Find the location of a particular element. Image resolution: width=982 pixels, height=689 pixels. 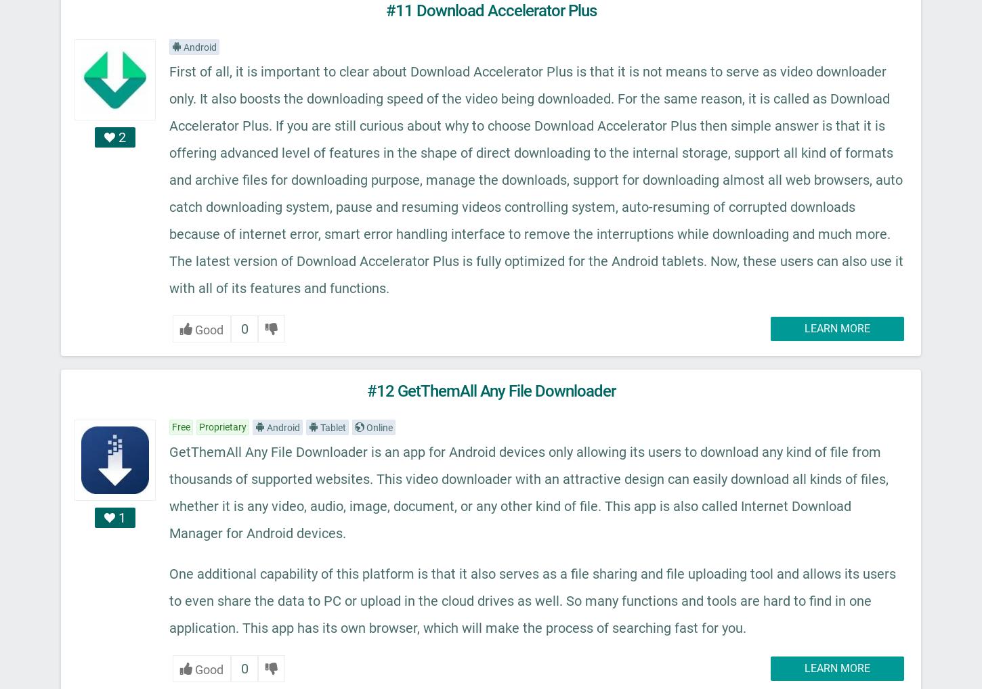

'Proprietary' is located at coordinates (223, 426).